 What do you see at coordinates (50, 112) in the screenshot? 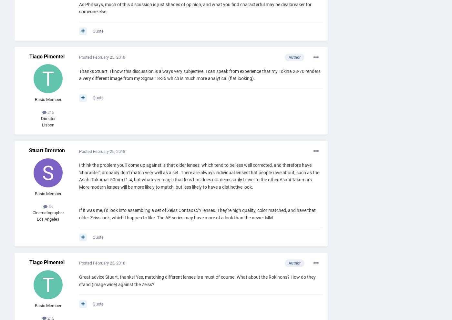
I see `'215'` at bounding box center [50, 112].